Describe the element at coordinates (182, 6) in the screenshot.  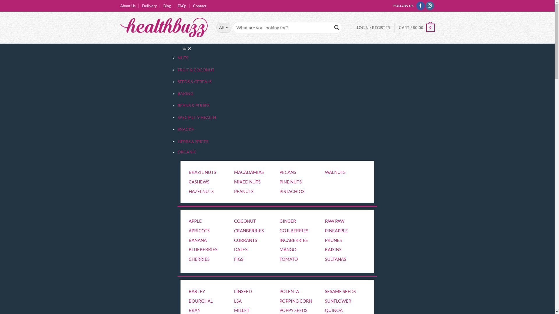
I see `'FAQs'` at that location.